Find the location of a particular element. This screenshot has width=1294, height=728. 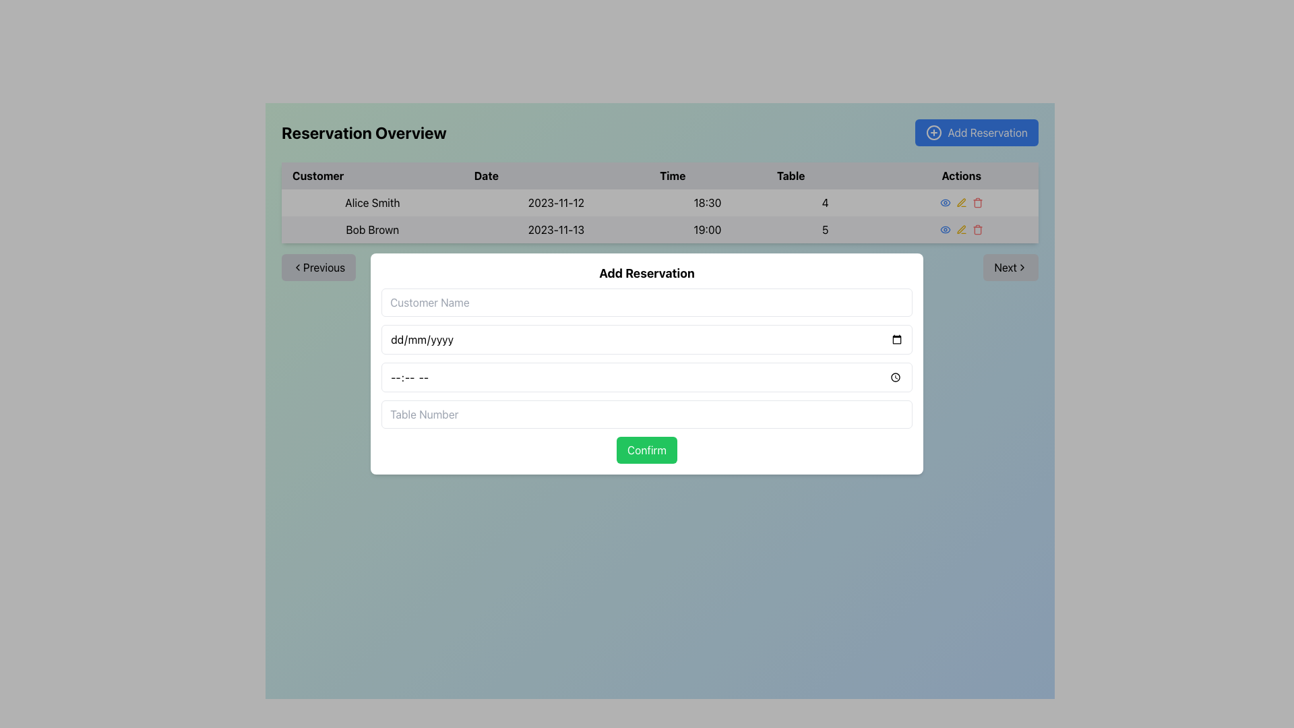

the green rectangular button labeled 'Confirm' located at the bottom-right of the form, which changes shade slightly when hovered is located at coordinates (647, 450).